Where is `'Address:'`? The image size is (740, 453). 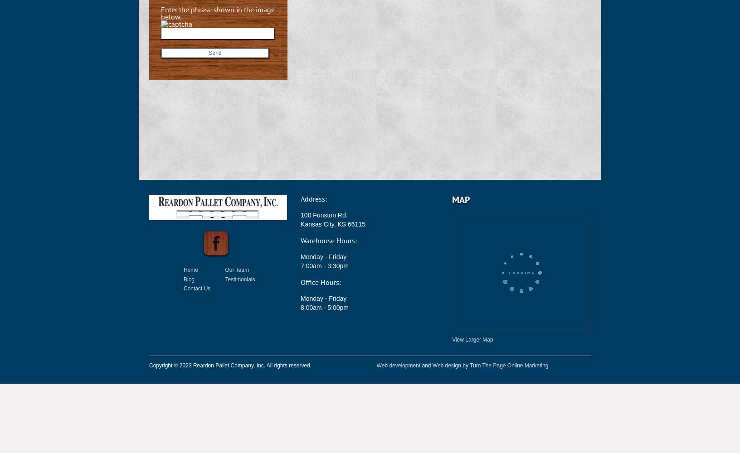
'Address:' is located at coordinates (300, 198).